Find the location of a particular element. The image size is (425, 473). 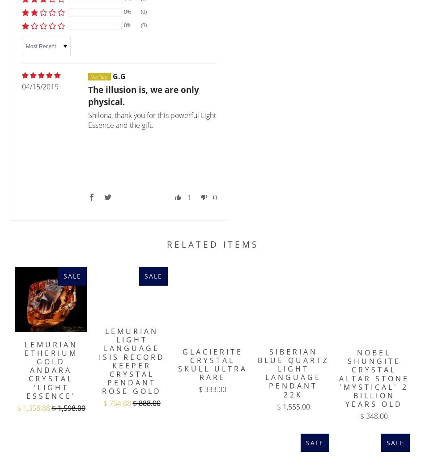

'04/15/2019' is located at coordinates (40, 86).